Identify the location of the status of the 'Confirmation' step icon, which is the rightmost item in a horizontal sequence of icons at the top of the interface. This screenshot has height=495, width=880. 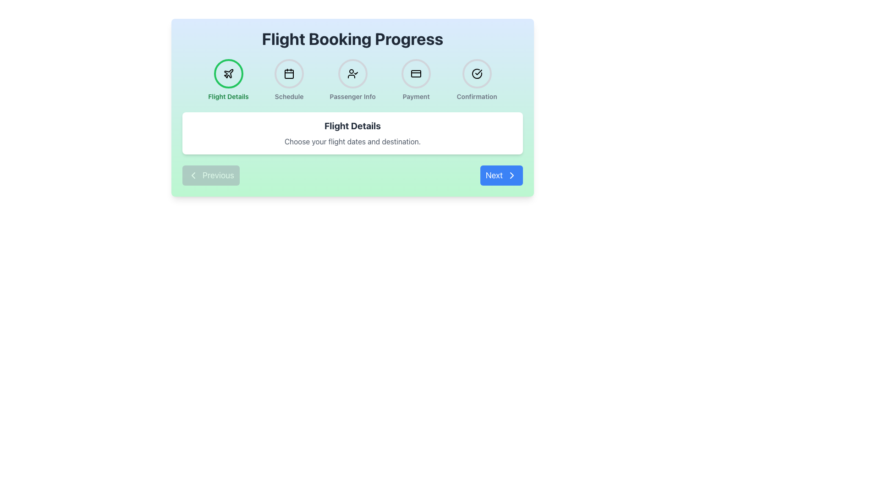
(477, 73).